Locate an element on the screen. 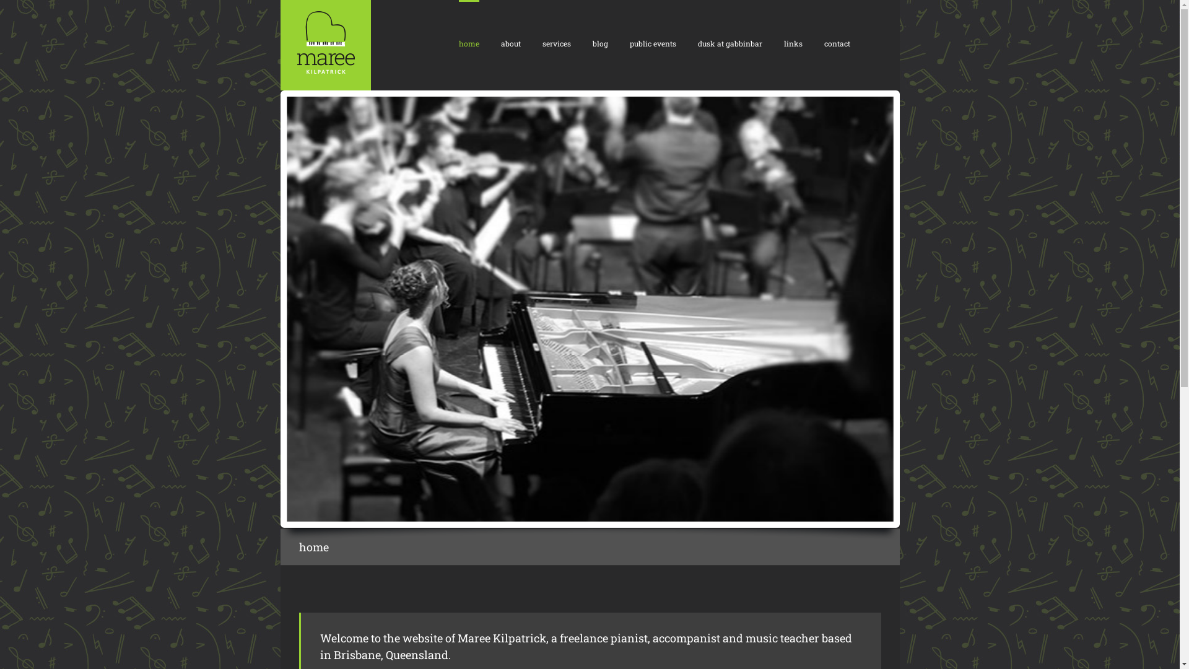  'home' is located at coordinates (468, 42).